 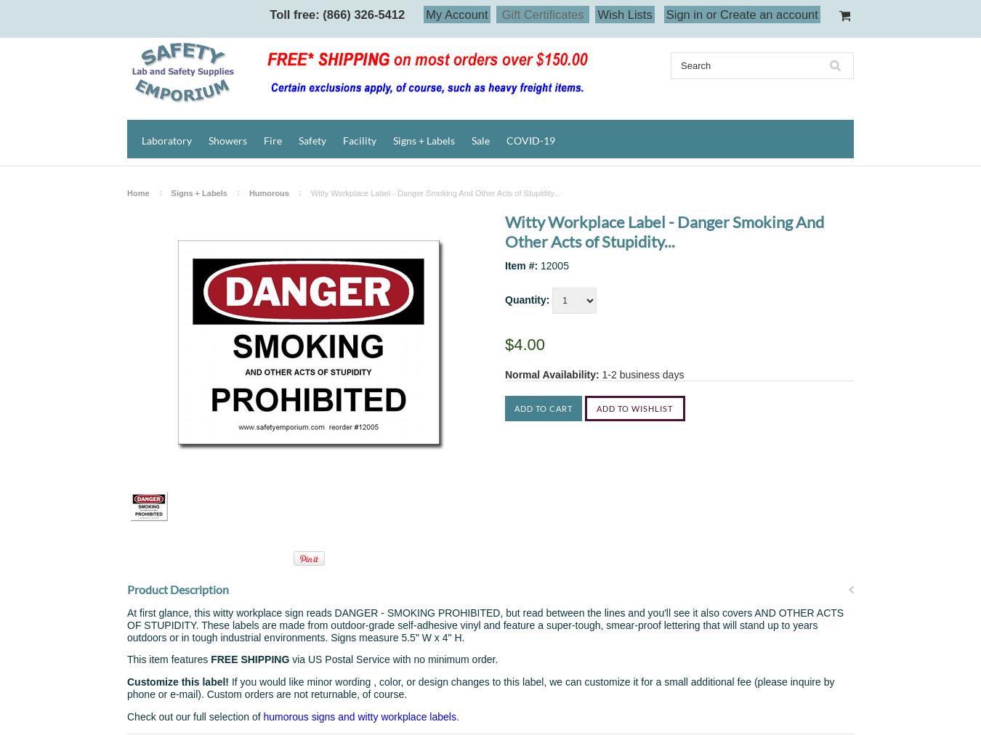 What do you see at coordinates (126, 688) in the screenshot?
I see `'If you would like minor wording , color, or design changes to this label, we can customize it for a small additional fee (please inquire by phone or e-mail). Custom orders are not returnable, of course.'` at bounding box center [126, 688].